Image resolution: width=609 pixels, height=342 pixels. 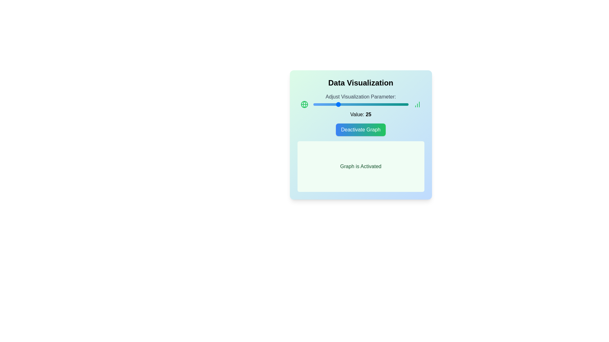 I want to click on 'Deactivate Graph' button to toggle the graph's activation state, so click(x=361, y=129).